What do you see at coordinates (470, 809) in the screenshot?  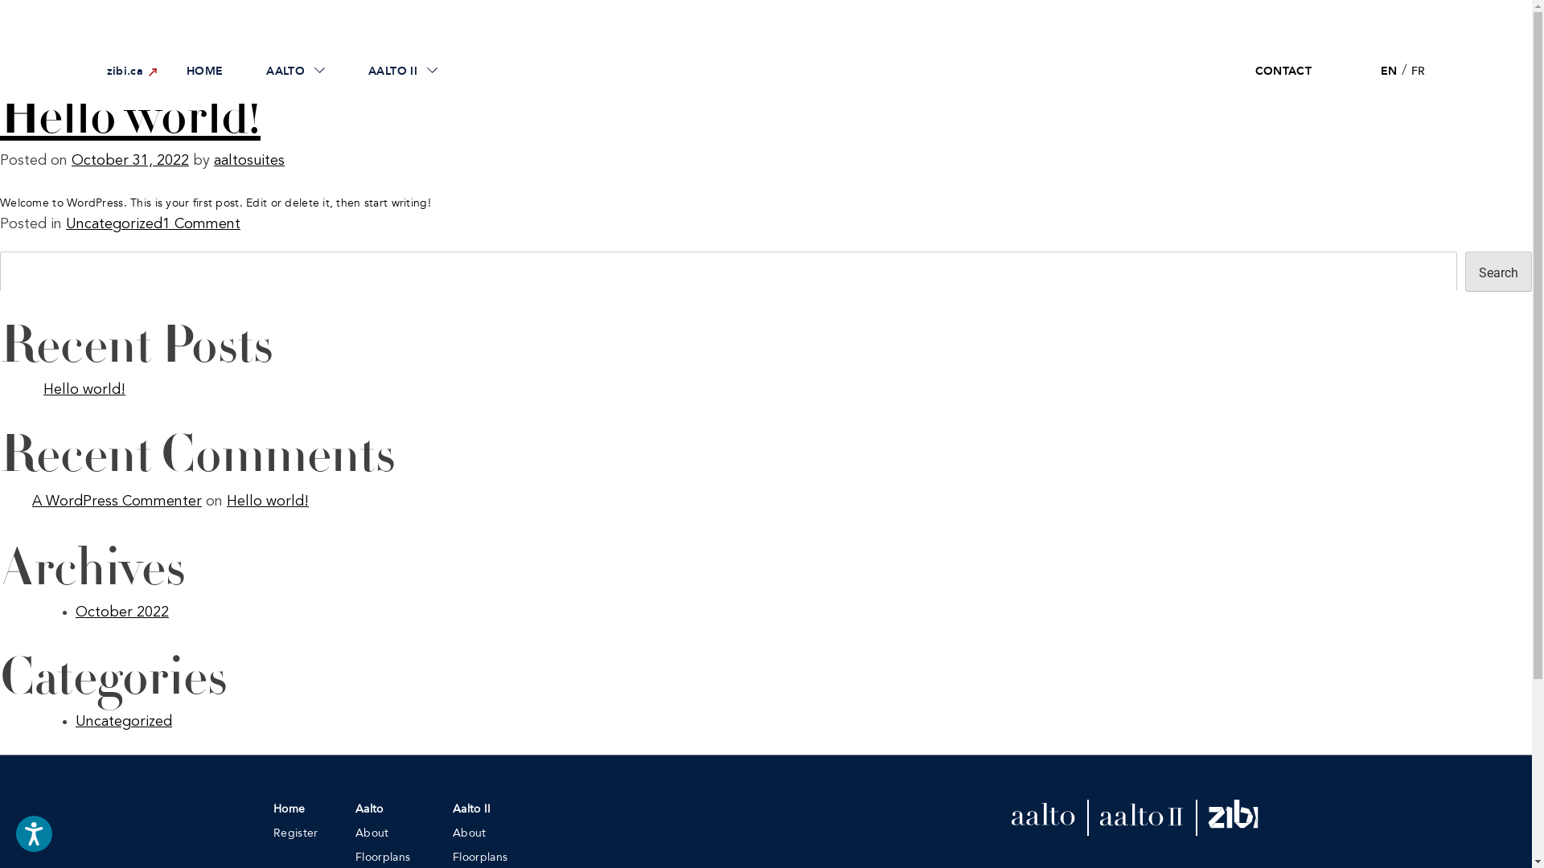 I see `'Aalto II'` at bounding box center [470, 809].